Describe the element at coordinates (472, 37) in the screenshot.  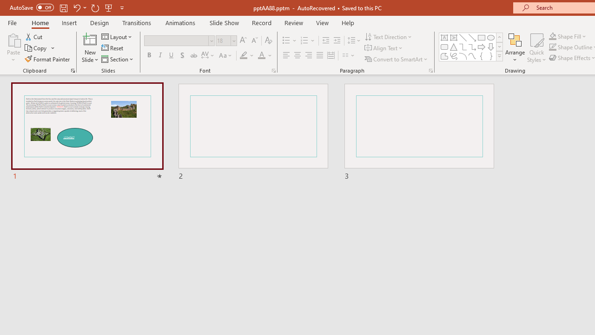
I see `'Line Arrow'` at that location.